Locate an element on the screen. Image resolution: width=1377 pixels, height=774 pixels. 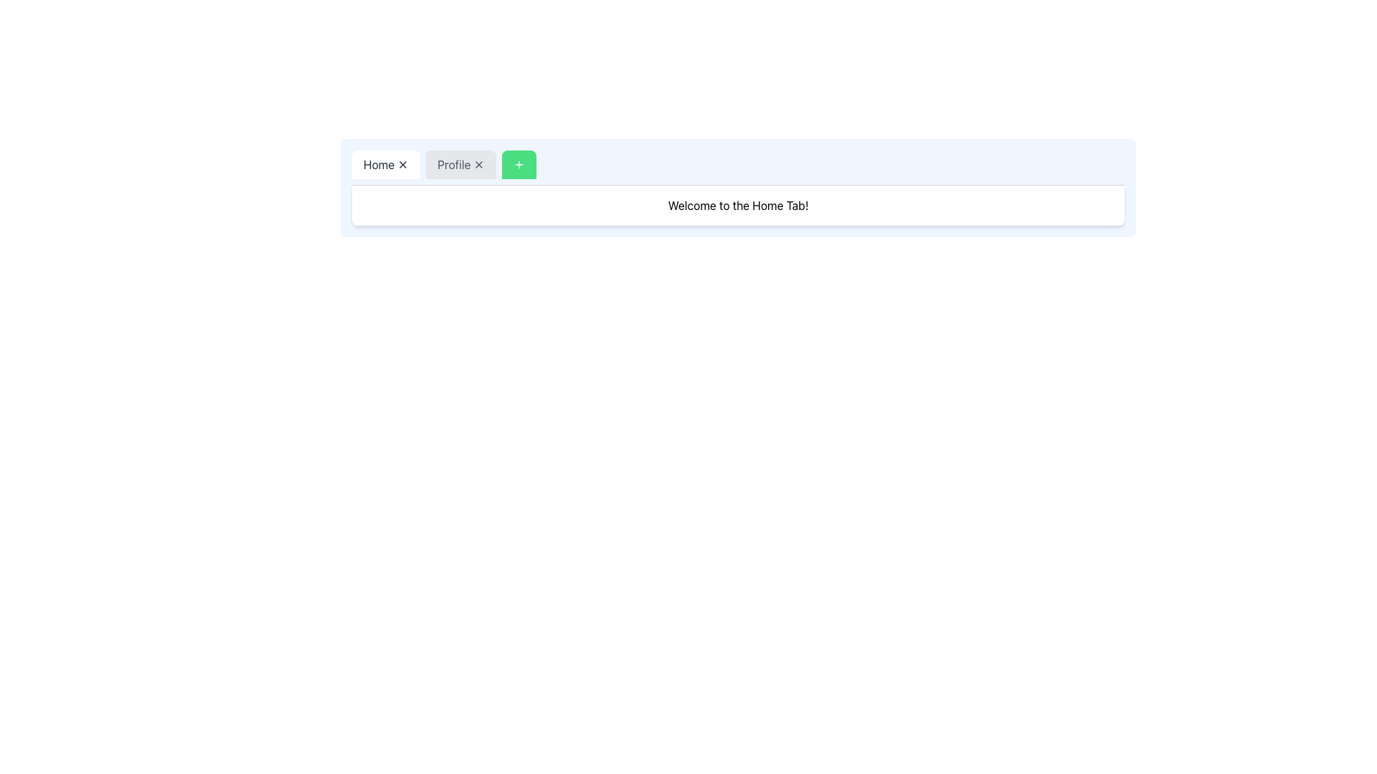
the 'X' icon button on the 'Home' tab is located at coordinates (402, 164).